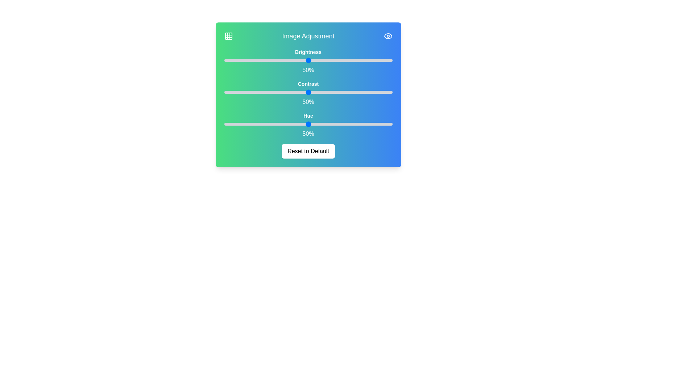 Image resolution: width=696 pixels, height=391 pixels. I want to click on the 0 slider to 55%, so click(400, 60).